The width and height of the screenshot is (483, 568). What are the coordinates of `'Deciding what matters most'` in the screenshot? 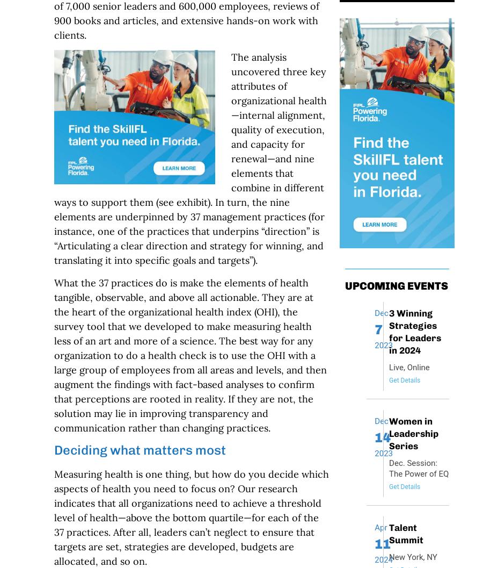 It's located at (53, 449).